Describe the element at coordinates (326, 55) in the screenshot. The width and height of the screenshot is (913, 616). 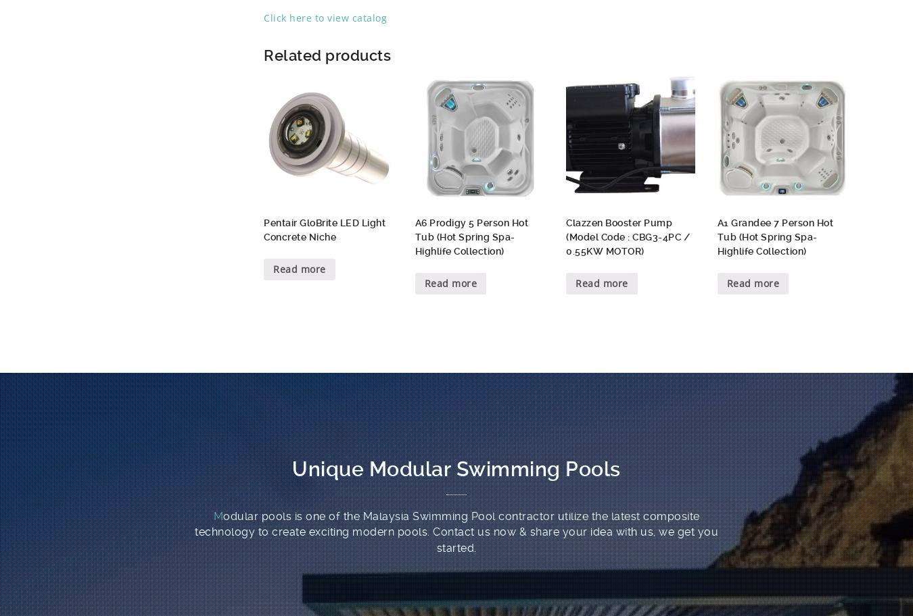
I see `'Related products'` at that location.